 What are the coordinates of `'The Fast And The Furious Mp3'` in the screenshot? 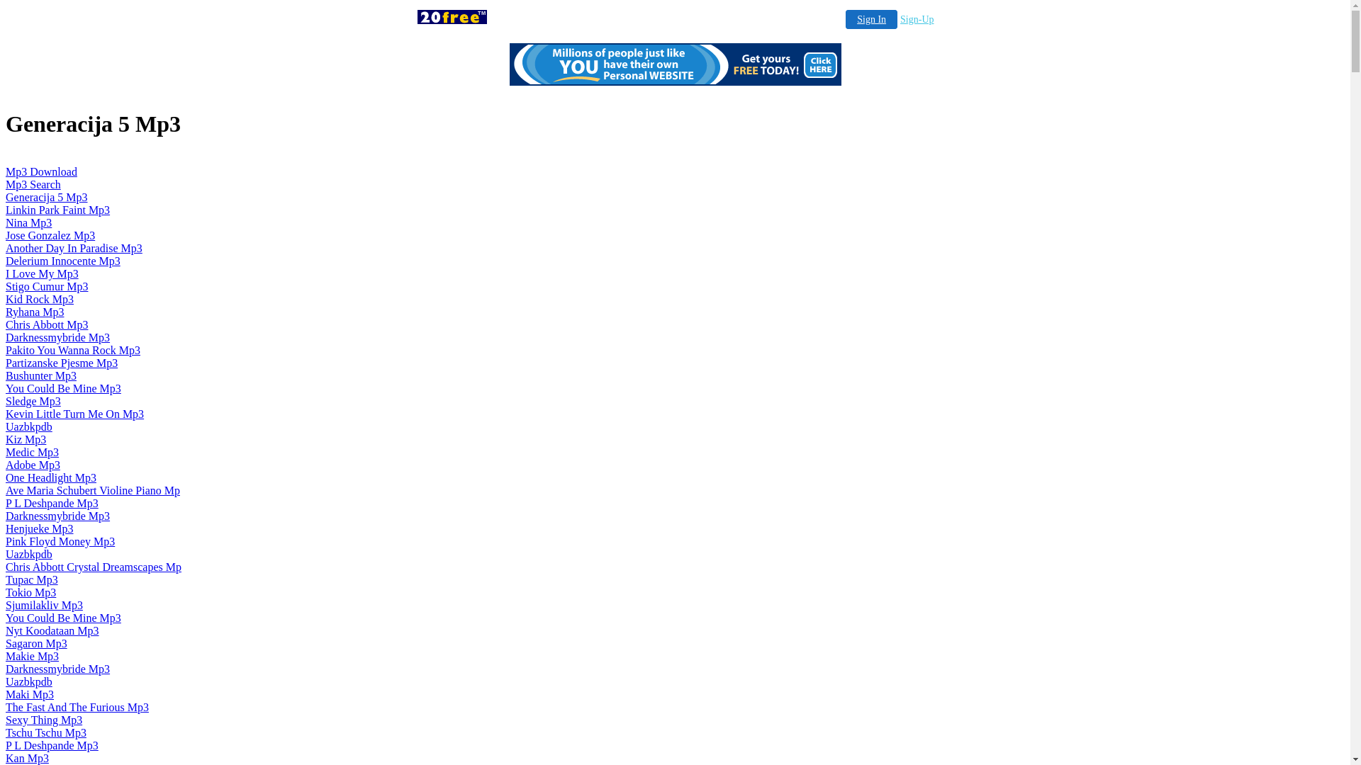 It's located at (77, 707).